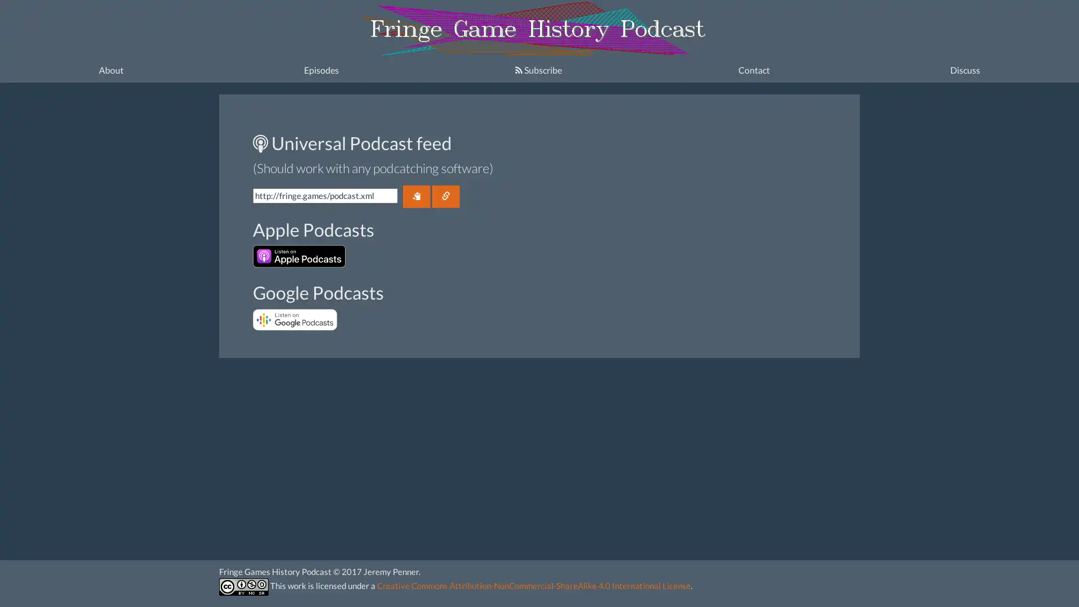 This screenshot has height=607, width=1079. What do you see at coordinates (445, 196) in the screenshot?
I see `Link` at bounding box center [445, 196].